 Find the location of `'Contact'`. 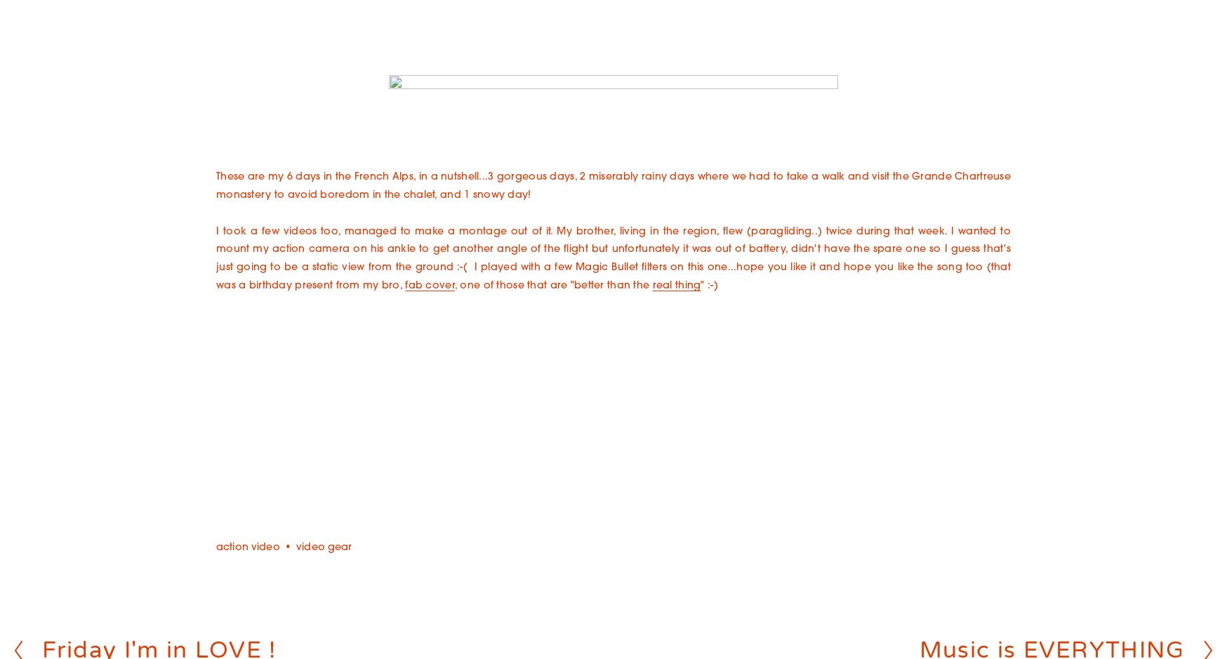

'Contact' is located at coordinates (613, 226).